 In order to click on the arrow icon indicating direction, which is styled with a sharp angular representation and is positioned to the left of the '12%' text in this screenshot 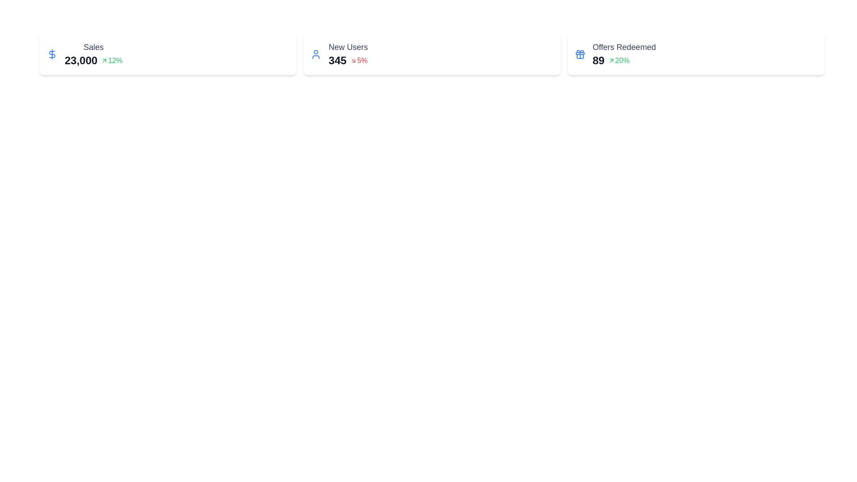, I will do `click(104, 60)`.